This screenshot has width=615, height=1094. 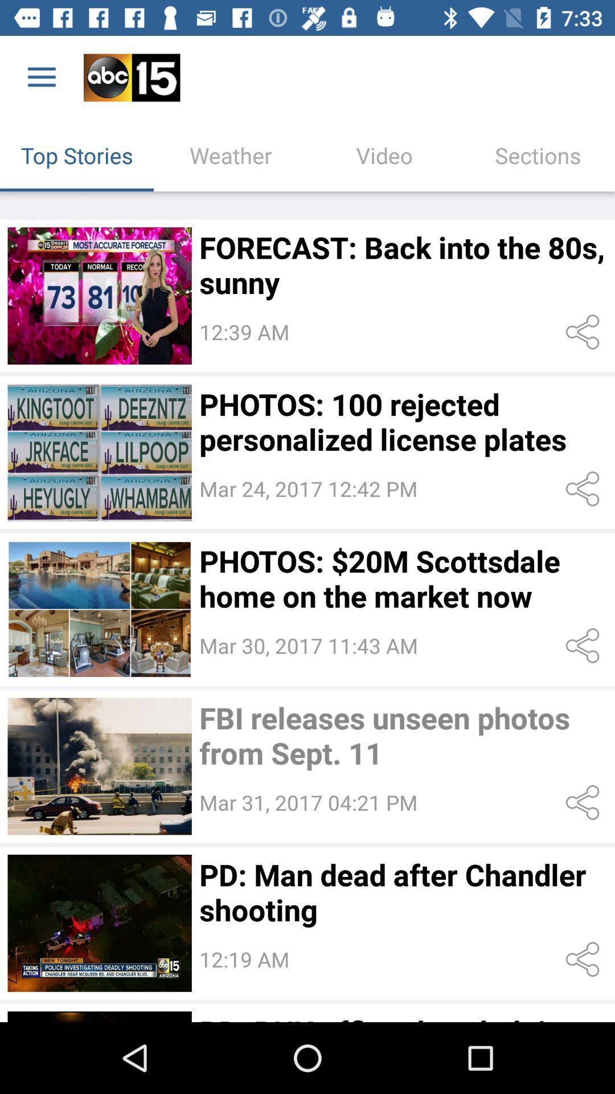 I want to click on an item, so click(x=99, y=296).